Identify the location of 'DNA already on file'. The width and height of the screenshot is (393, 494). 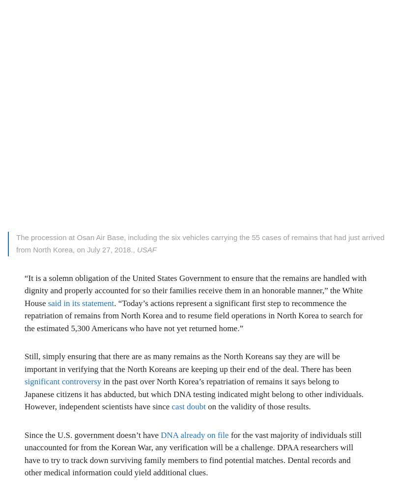
(194, 434).